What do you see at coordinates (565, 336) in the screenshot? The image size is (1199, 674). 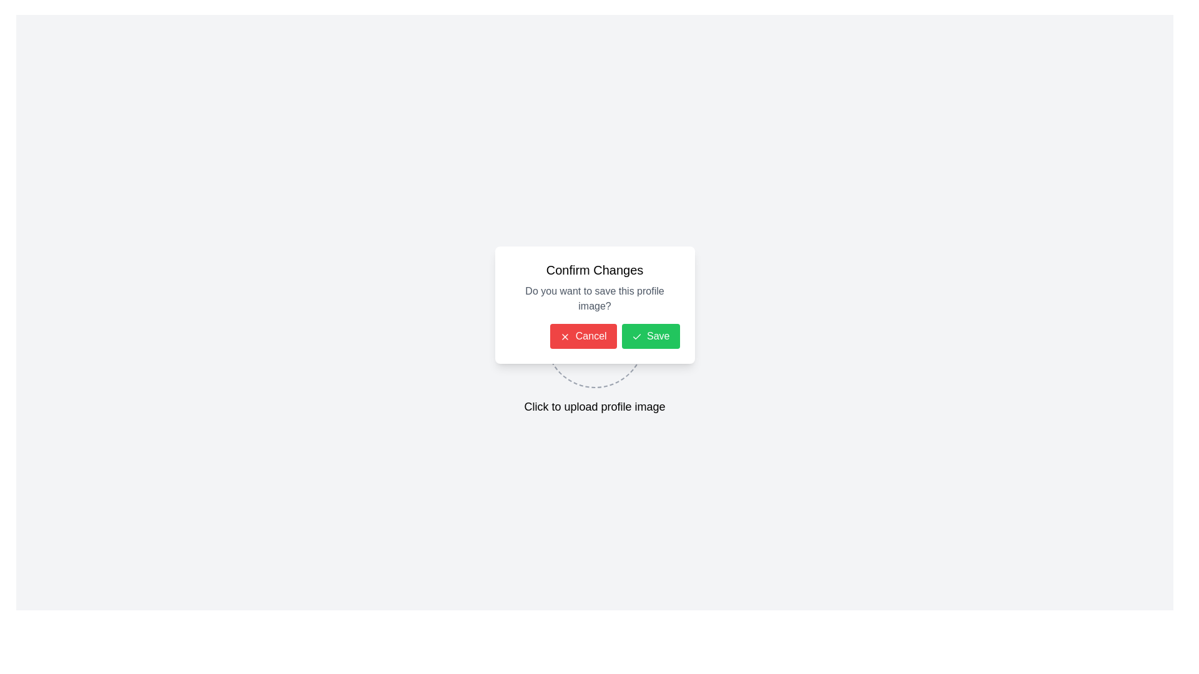 I see `the decorative cross icon within the 'Cancel' button, which is red and labeled with white text, positioned to the left of the green 'Save' button in the 'Confirm Changes' dialog` at bounding box center [565, 336].